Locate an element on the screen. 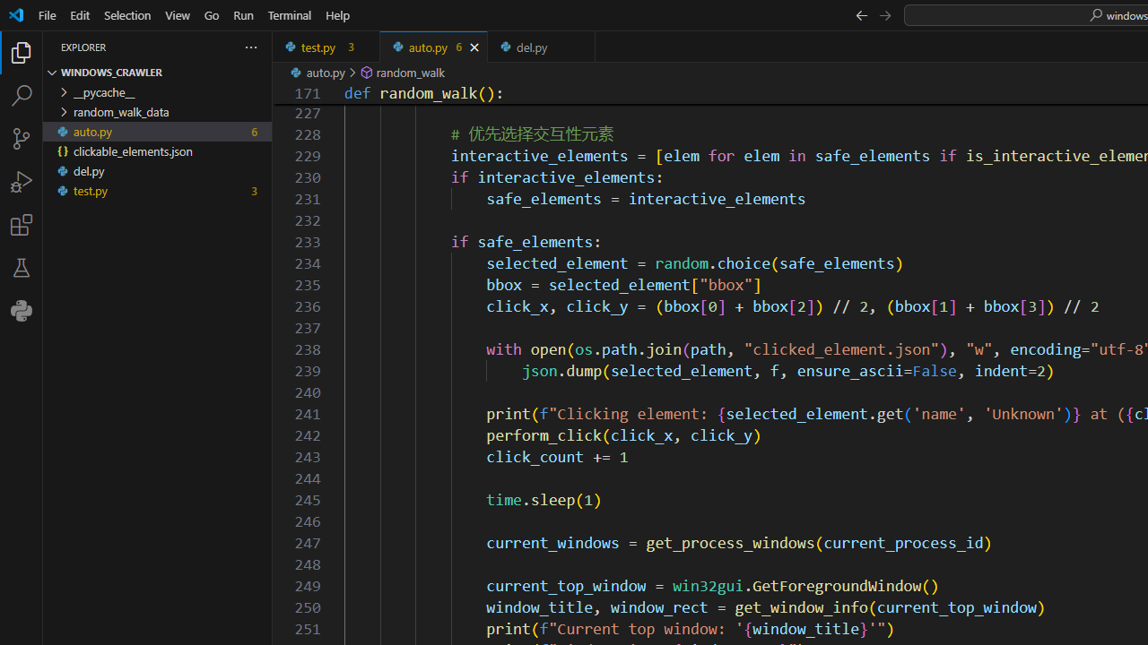 The height and width of the screenshot is (645, 1148). 'Terminal' is located at coordinates (290, 14).